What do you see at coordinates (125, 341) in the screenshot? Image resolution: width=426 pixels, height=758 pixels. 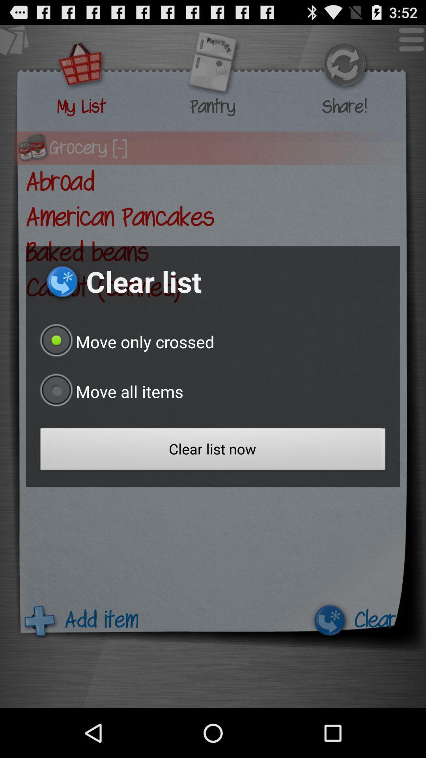 I see `icon below the clear list` at bounding box center [125, 341].